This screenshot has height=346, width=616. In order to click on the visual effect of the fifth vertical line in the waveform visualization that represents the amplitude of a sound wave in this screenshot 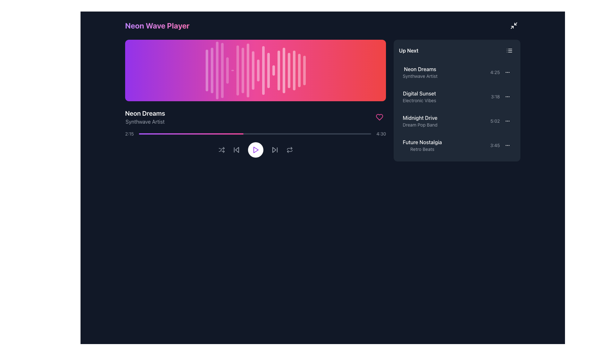, I will do `click(227, 70)`.